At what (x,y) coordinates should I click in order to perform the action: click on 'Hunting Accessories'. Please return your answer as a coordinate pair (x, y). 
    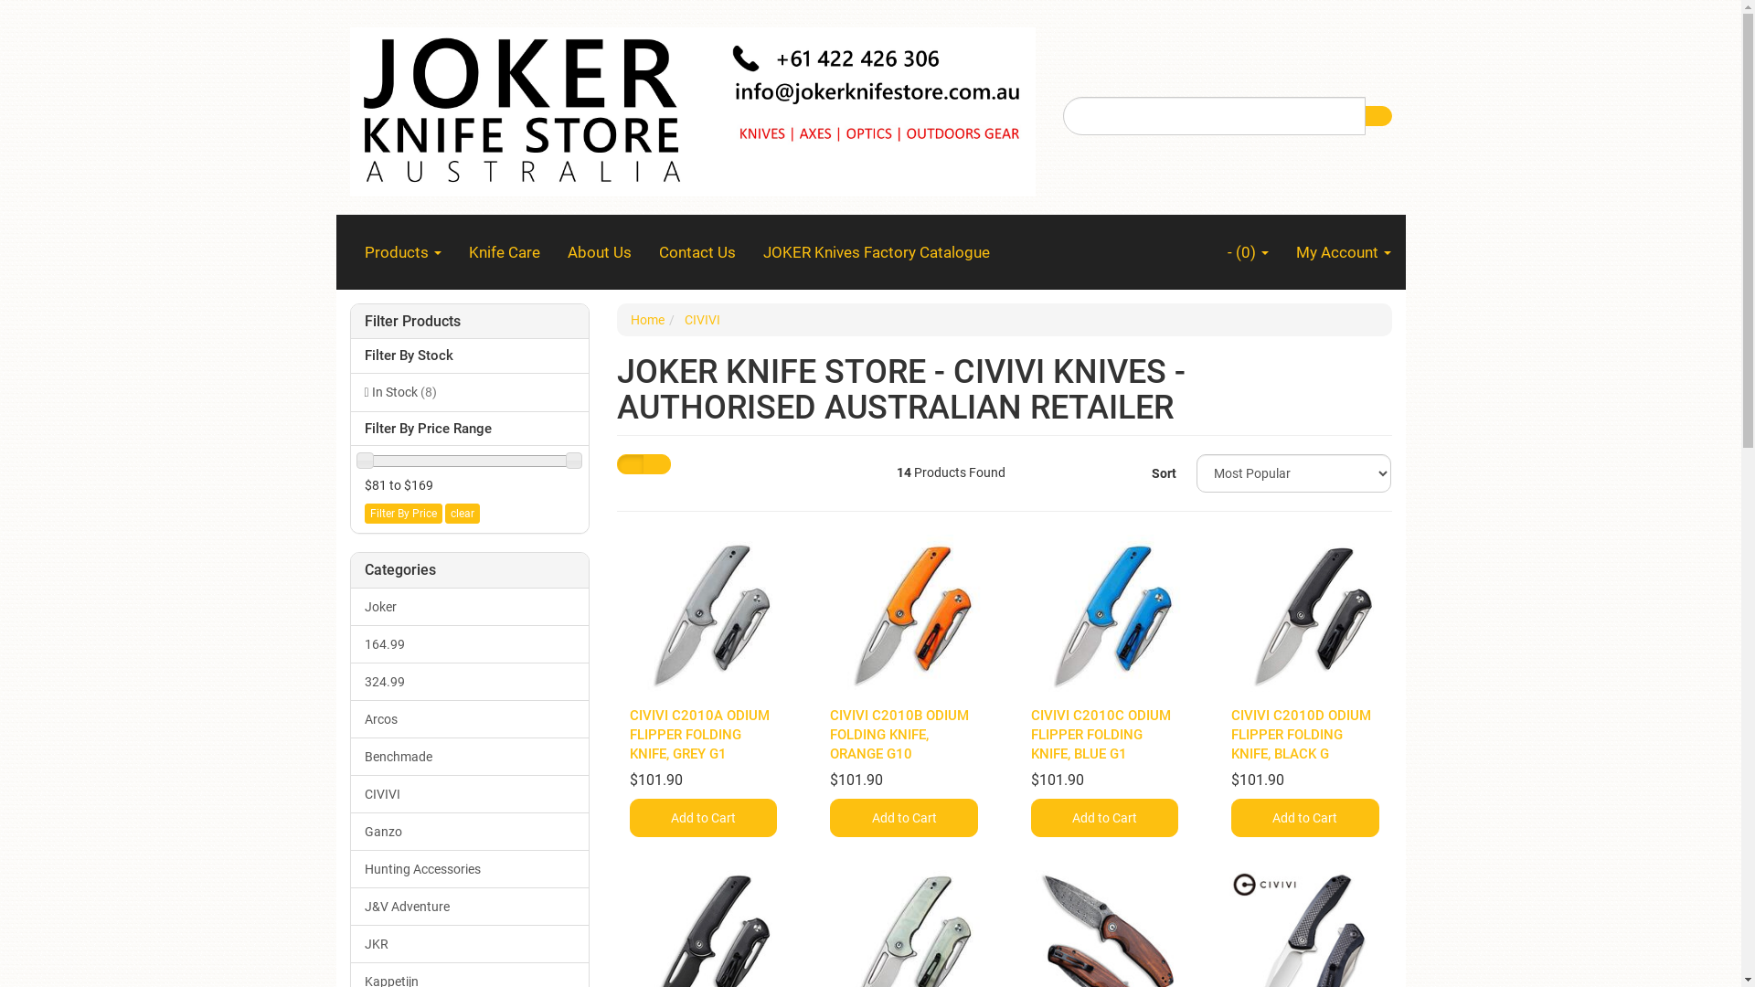
    Looking at the image, I should click on (470, 868).